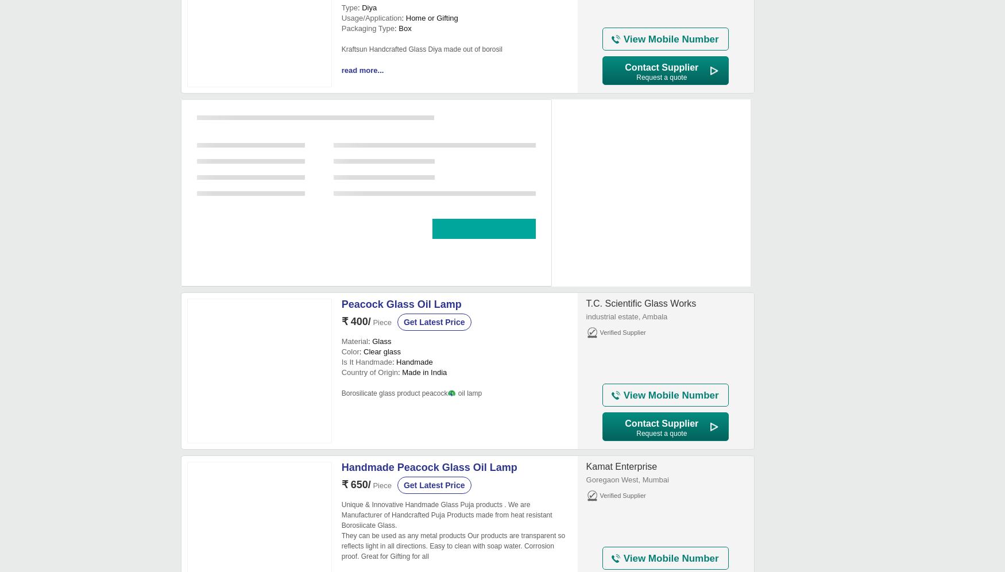  Describe the element at coordinates (341, 304) in the screenshot. I see `'Peacock Glass Oil Lamp'` at that location.